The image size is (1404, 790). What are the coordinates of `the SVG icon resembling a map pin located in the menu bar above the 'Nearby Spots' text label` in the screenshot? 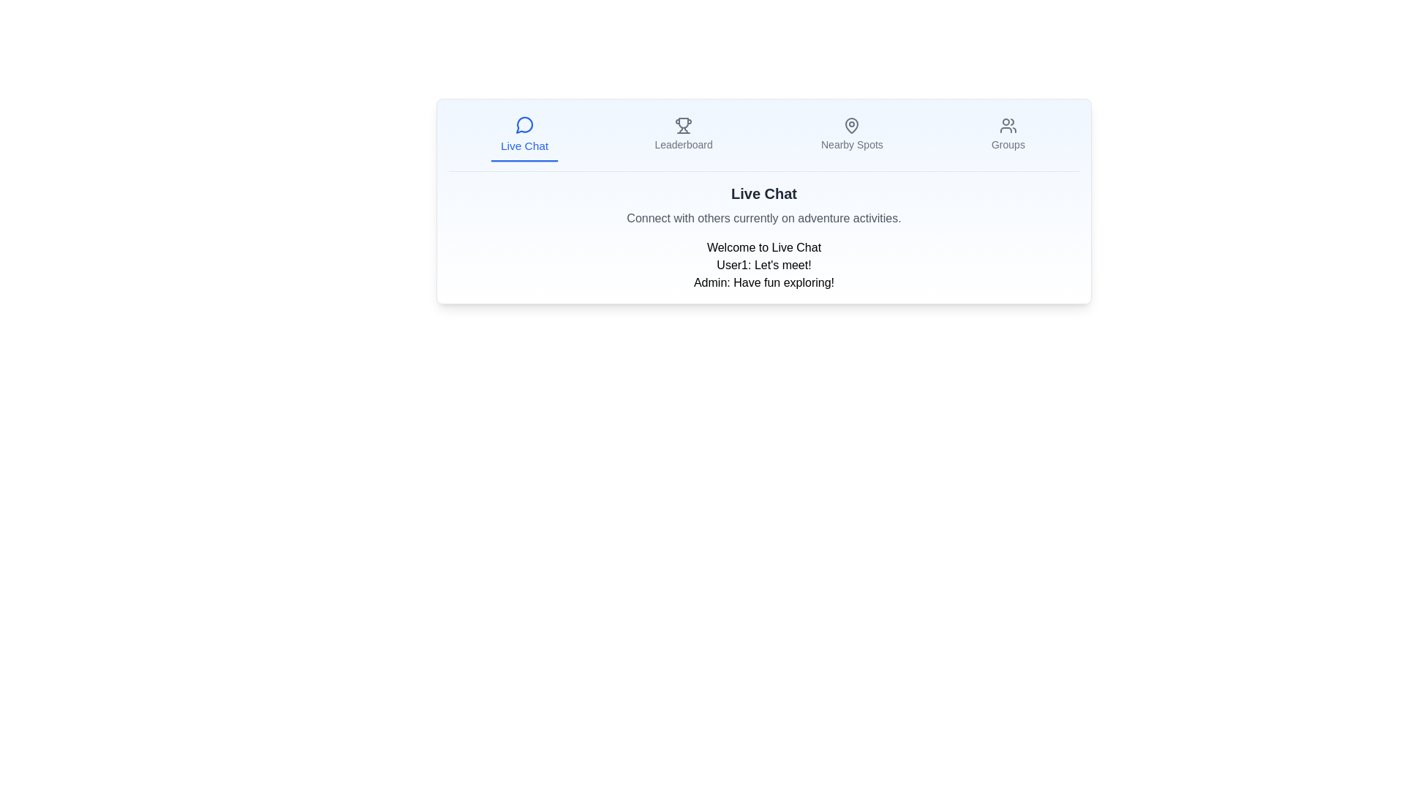 It's located at (852, 125).